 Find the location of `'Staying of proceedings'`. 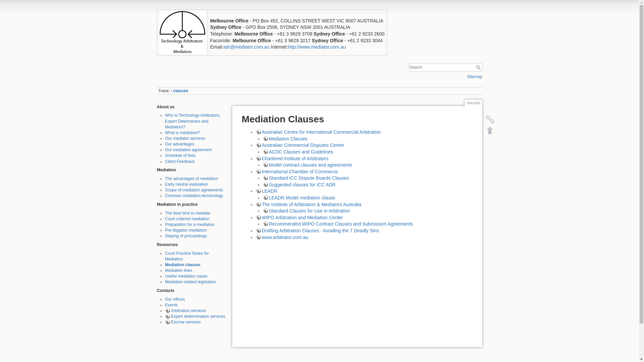

'Staying of proceedings' is located at coordinates (186, 236).